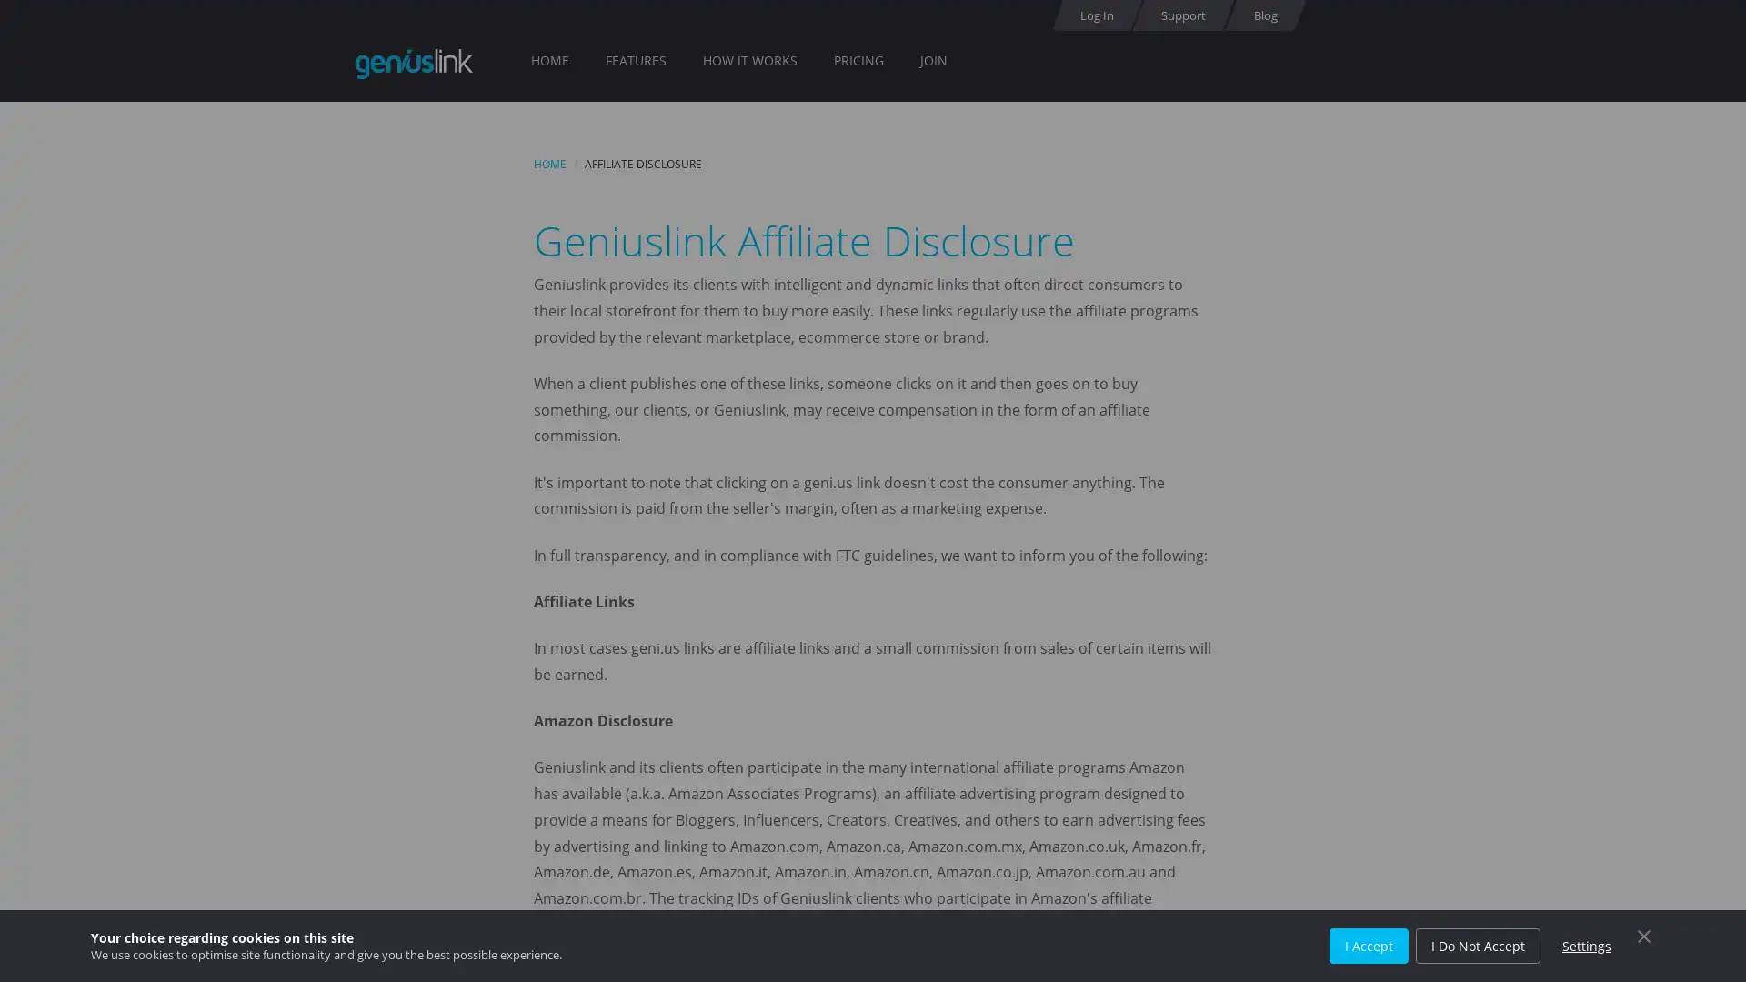  Describe the element at coordinates (1478, 945) in the screenshot. I see `I Do Not Accept` at that location.